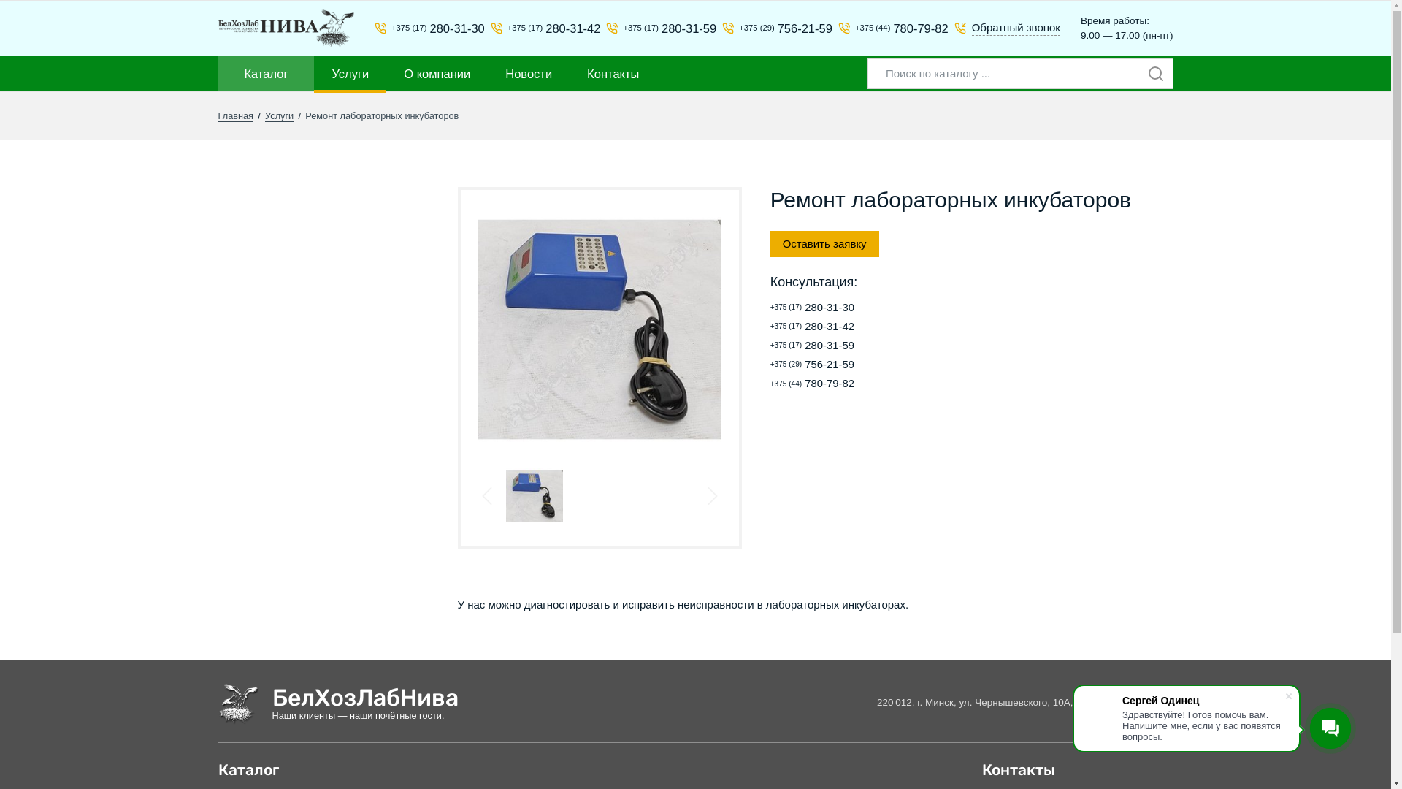  What do you see at coordinates (866, 326) in the screenshot?
I see `'+375 (17)` at bounding box center [866, 326].